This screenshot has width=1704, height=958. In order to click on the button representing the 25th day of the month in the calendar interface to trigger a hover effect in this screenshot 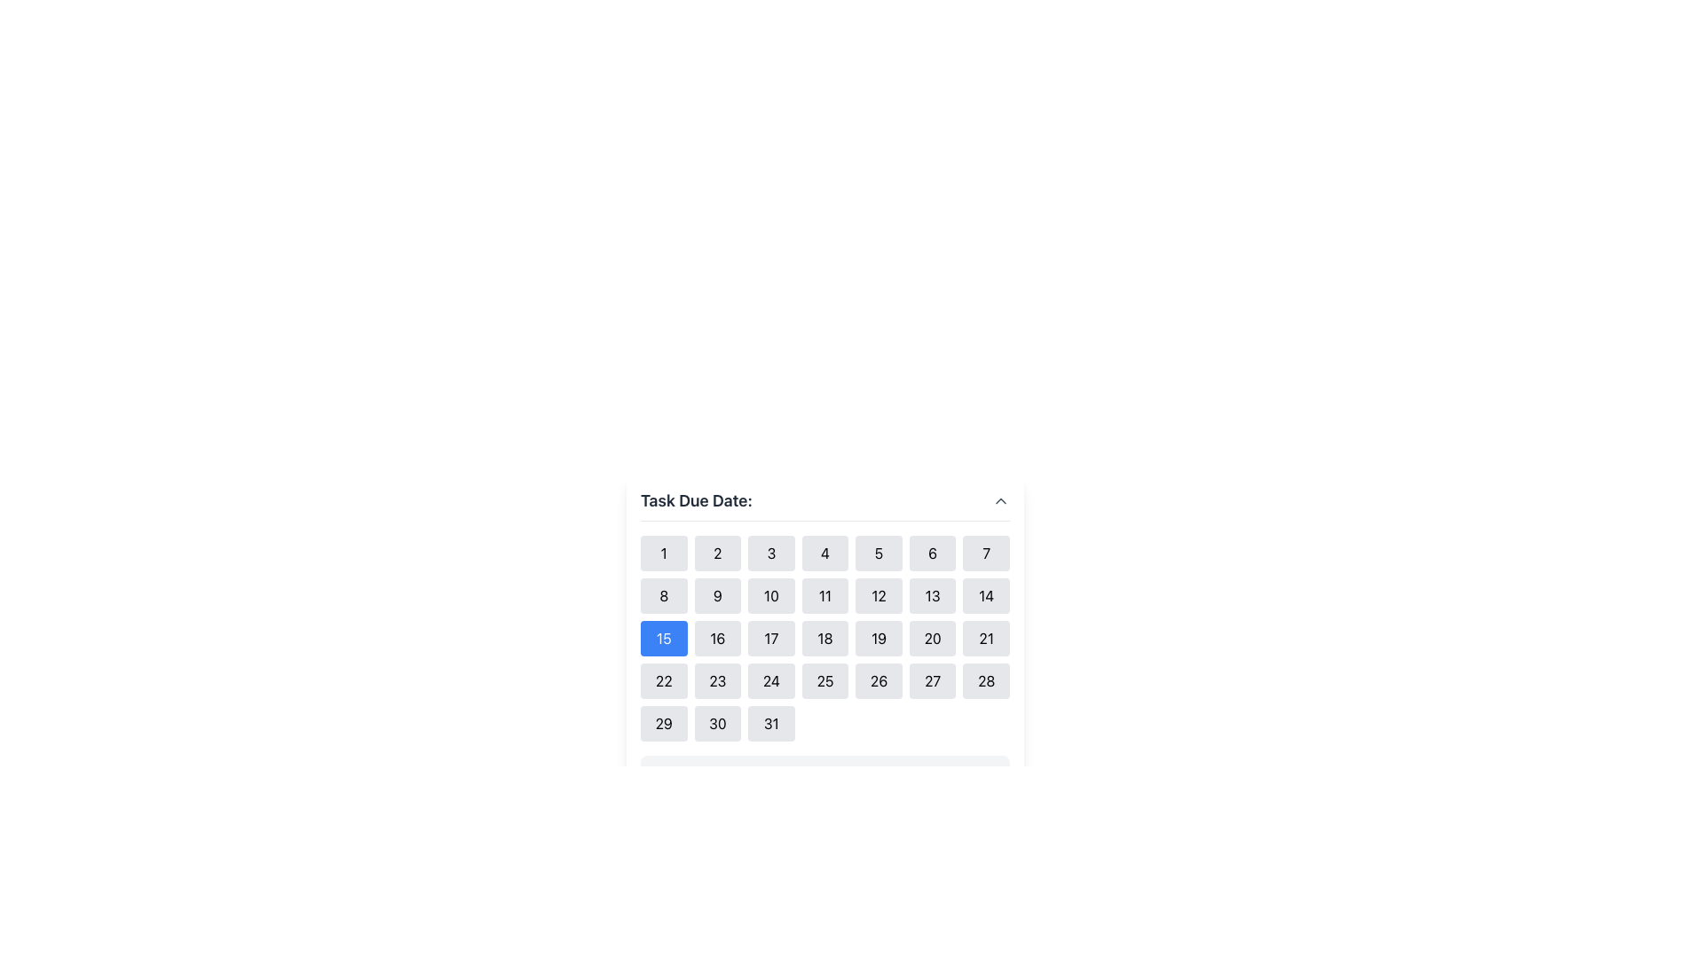, I will do `click(824, 679)`.